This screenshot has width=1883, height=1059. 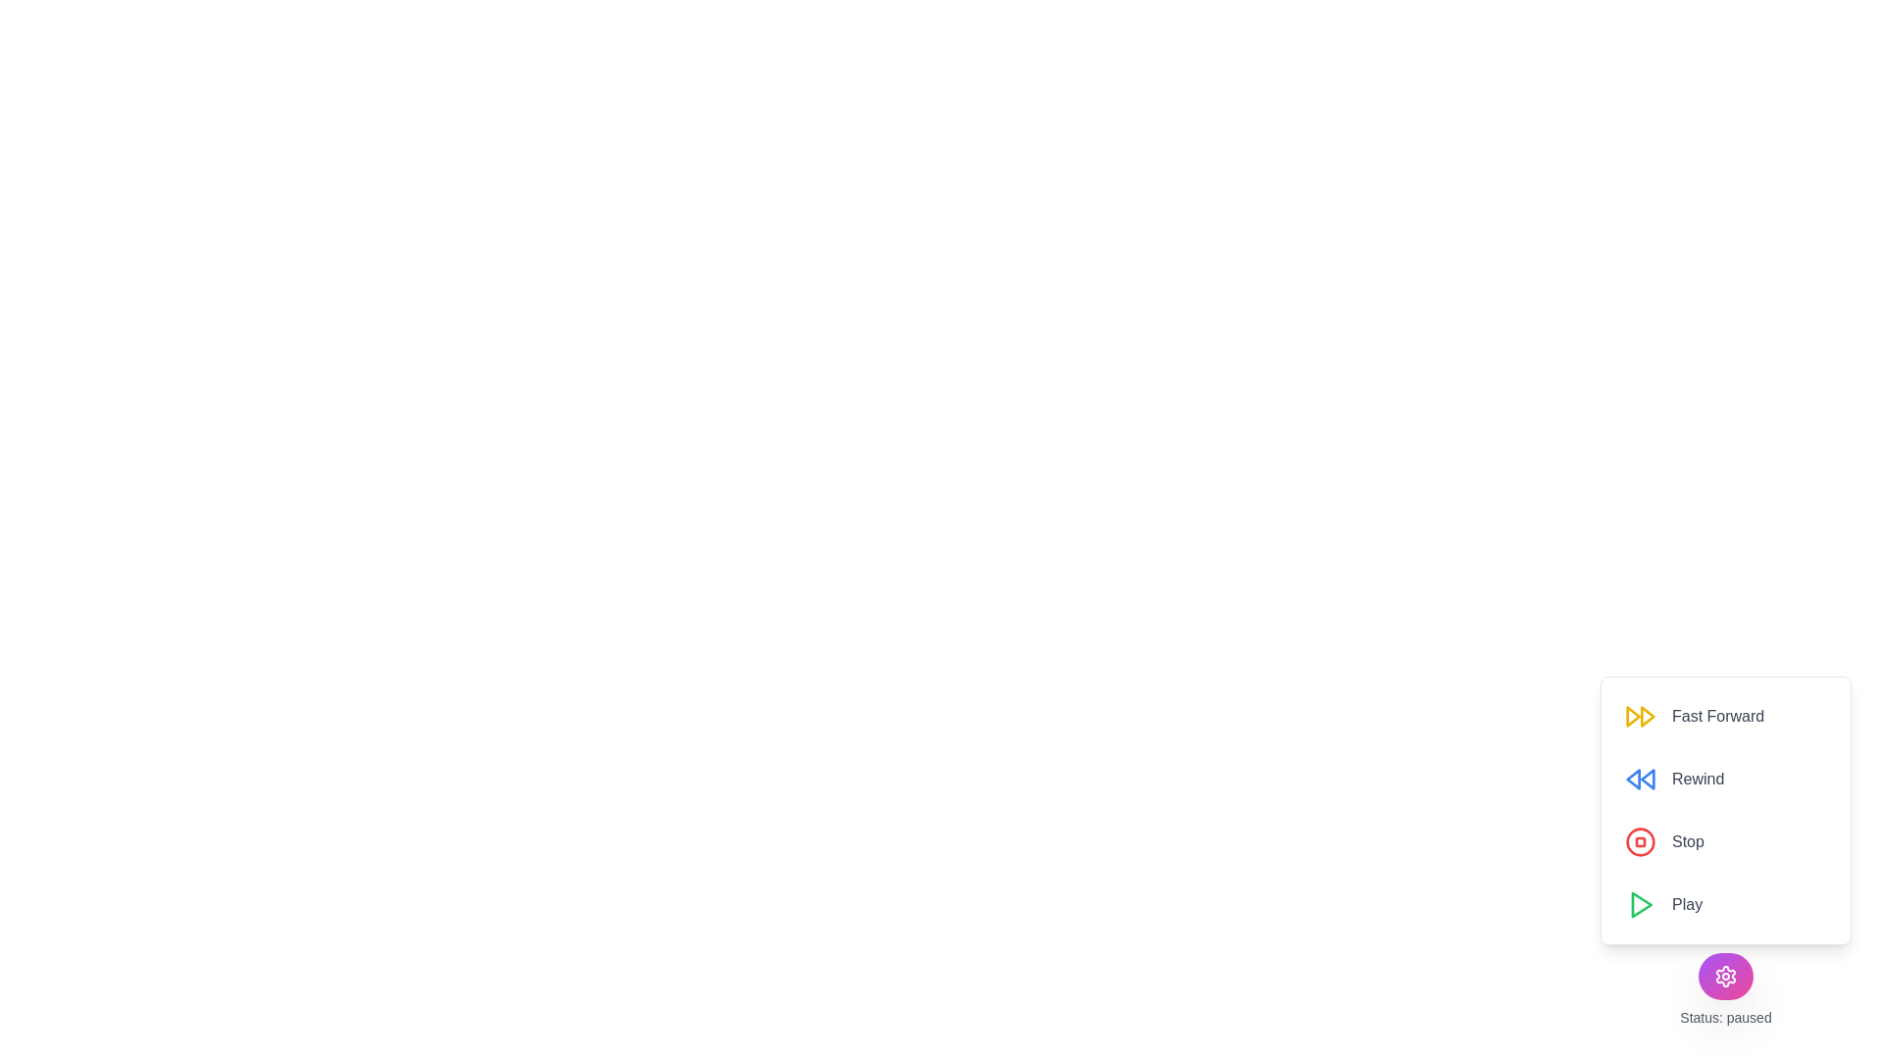 What do you see at coordinates (1673, 778) in the screenshot?
I see `the 'Rewind' button to change the status to 'rewind'` at bounding box center [1673, 778].